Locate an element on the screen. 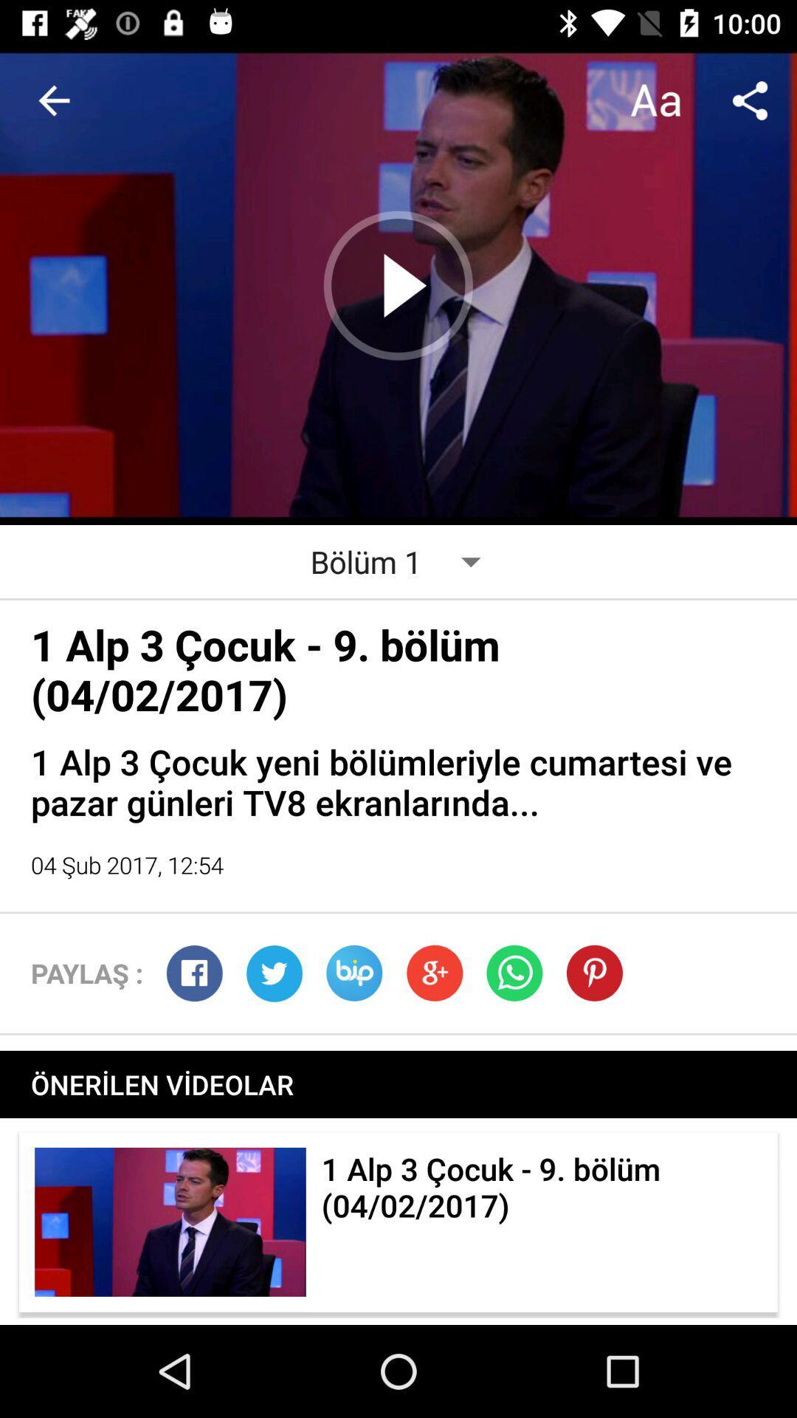 The image size is (797, 1418). the call icon is located at coordinates (514, 973).